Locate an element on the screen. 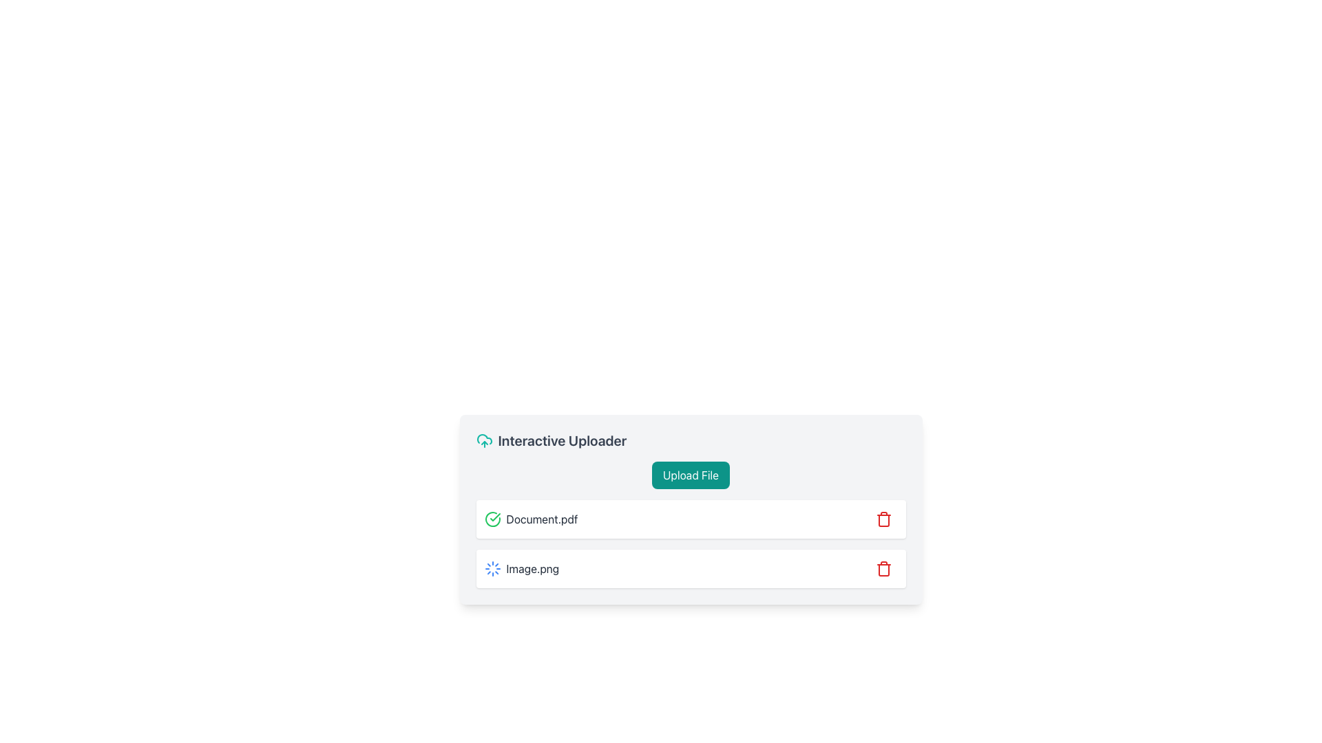  the trash icon button with a red border located in the top-right section of the file list interface, representing a delete action is located at coordinates (883, 519).